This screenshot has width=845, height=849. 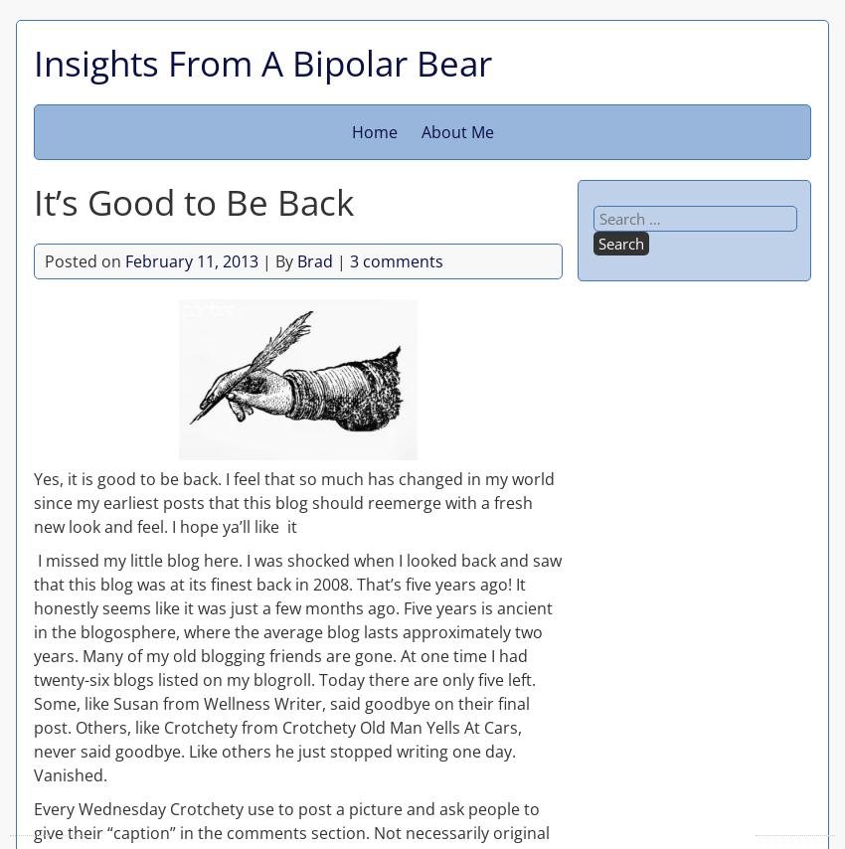 I want to click on 'Yes, it is good to be back. I feel that so much has changed in my world since my earliest posts that this blog should reemerge with a fresh new look and feel. I hope ya’ll like  it', so click(x=292, y=500).